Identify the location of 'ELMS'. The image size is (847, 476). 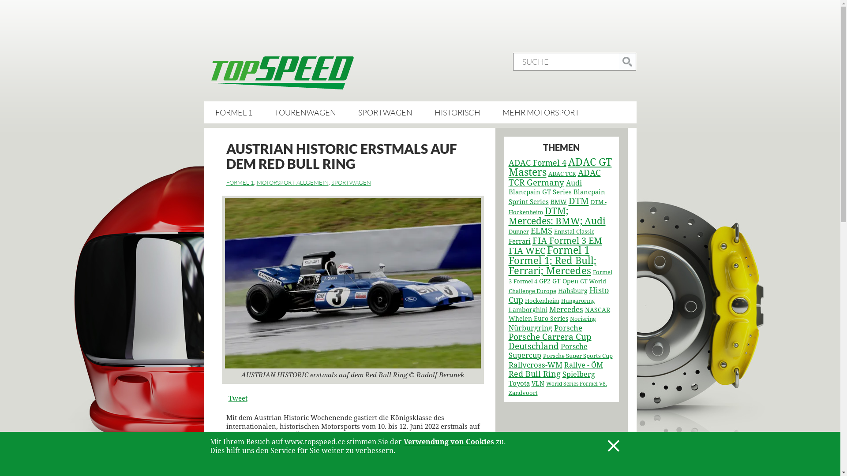
(540, 231).